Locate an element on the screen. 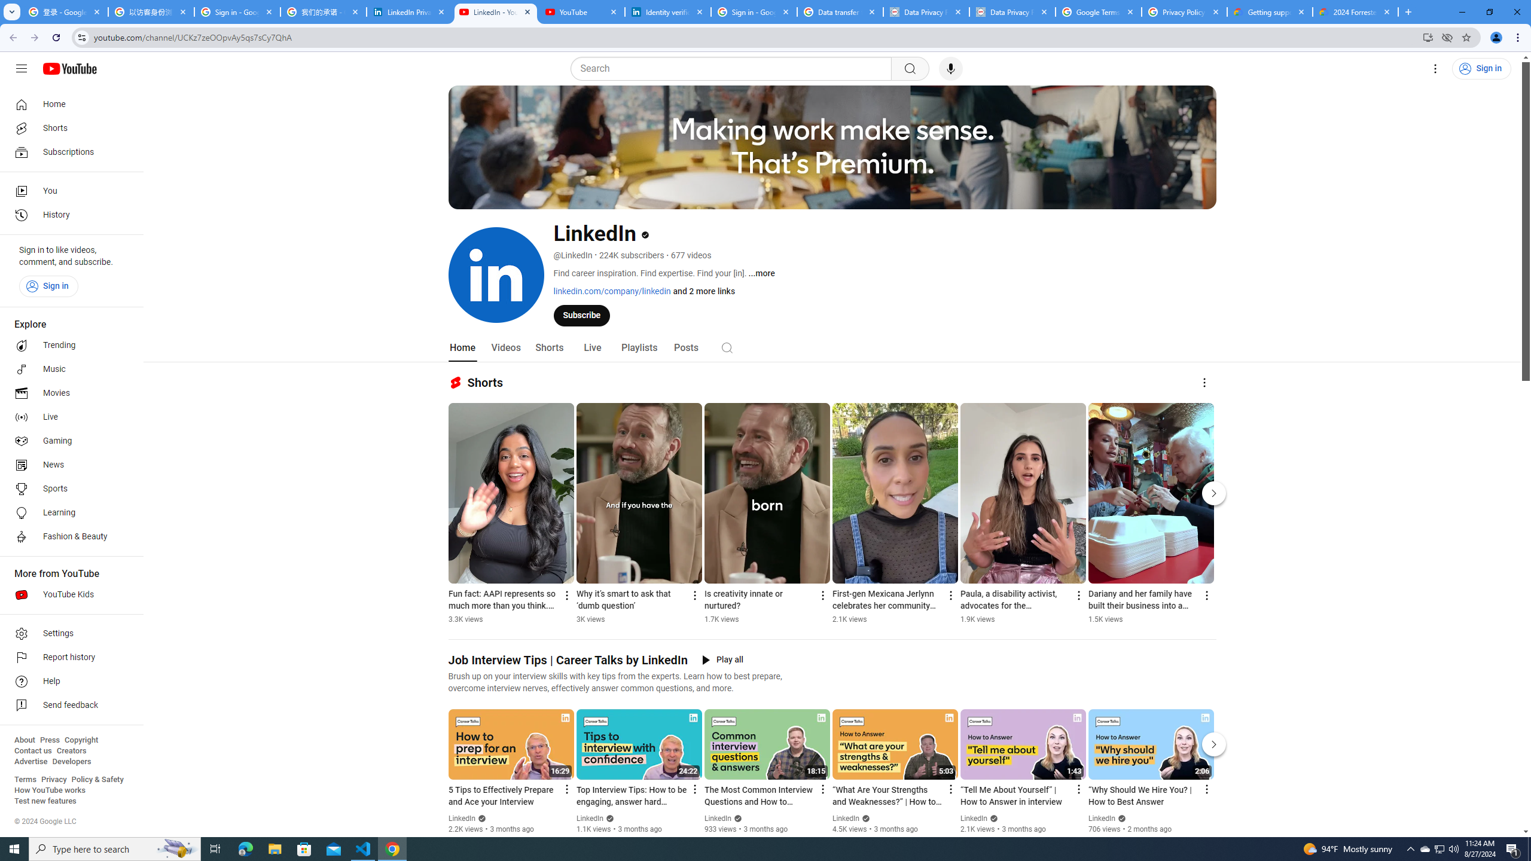 The image size is (1531, 861). 'How YouTube works' is located at coordinates (49, 790).